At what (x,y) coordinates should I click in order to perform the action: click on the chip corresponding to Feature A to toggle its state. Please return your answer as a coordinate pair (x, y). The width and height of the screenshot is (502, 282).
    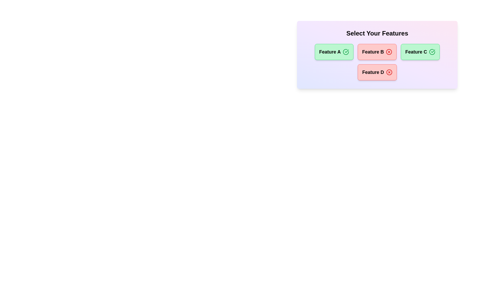
    Looking at the image, I should click on (334, 52).